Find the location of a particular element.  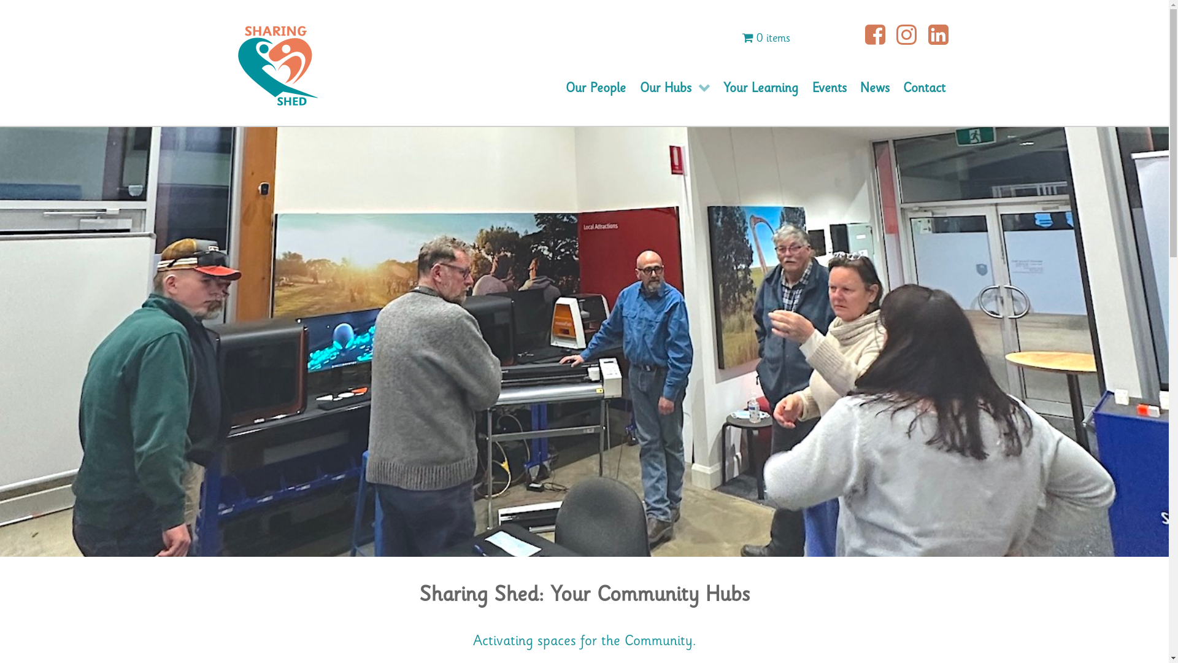

'Events' is located at coordinates (804, 87).